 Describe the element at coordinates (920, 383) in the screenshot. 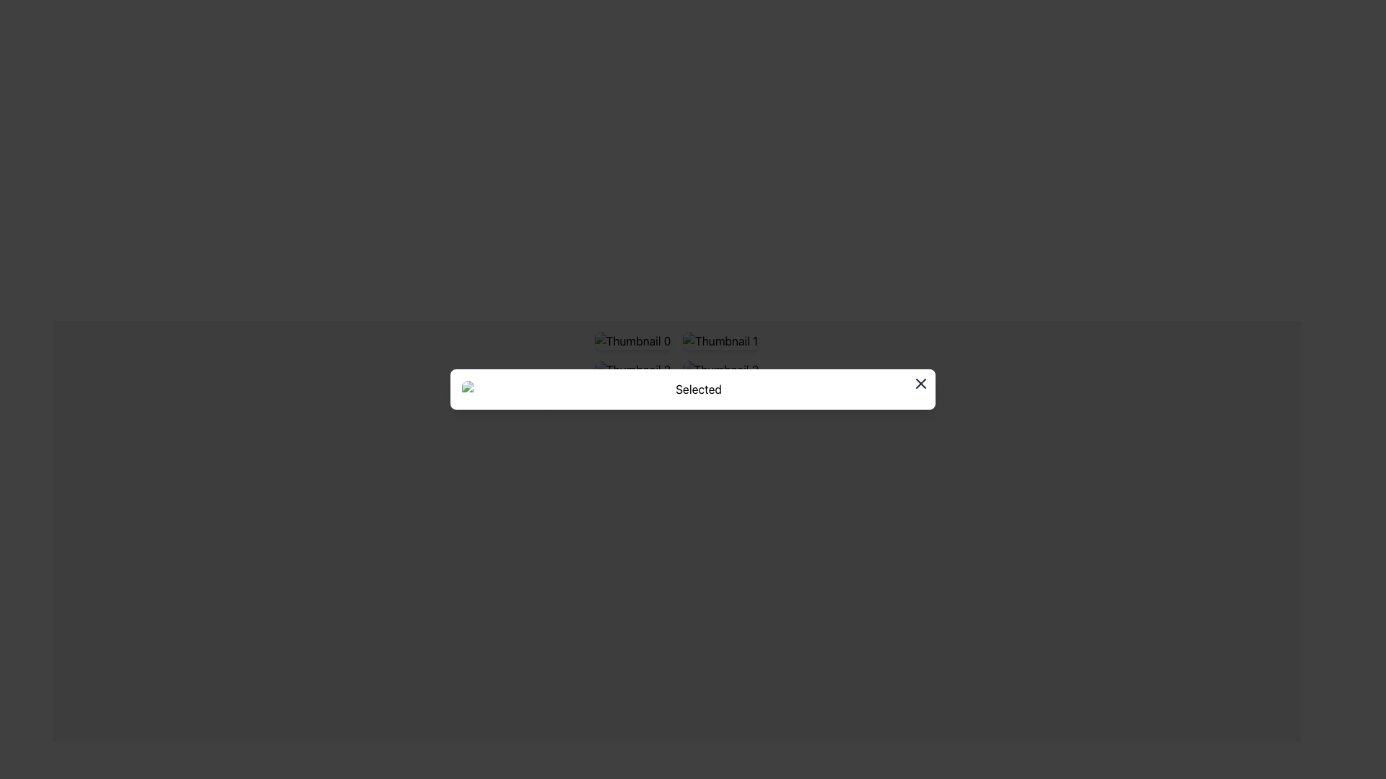

I see `the close button styled as an 'X' icon located at the top-right corner of the white modal to change its color` at that location.